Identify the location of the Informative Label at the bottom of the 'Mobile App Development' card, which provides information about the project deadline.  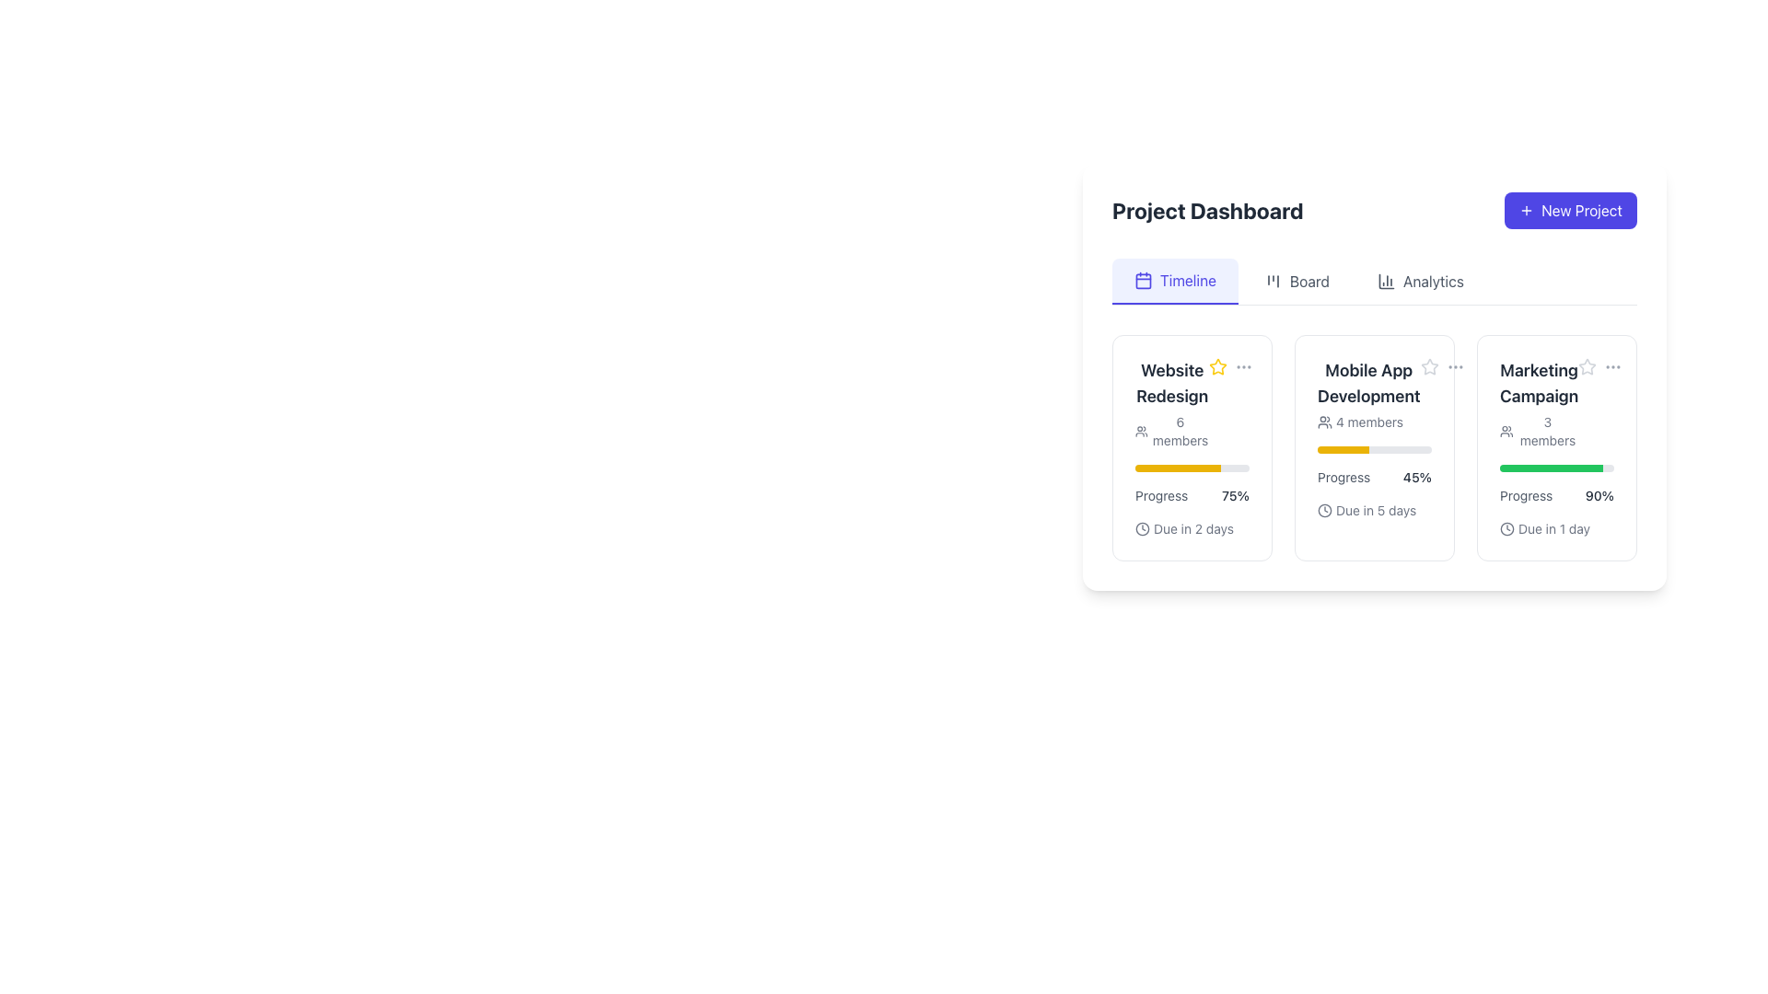
(1374, 511).